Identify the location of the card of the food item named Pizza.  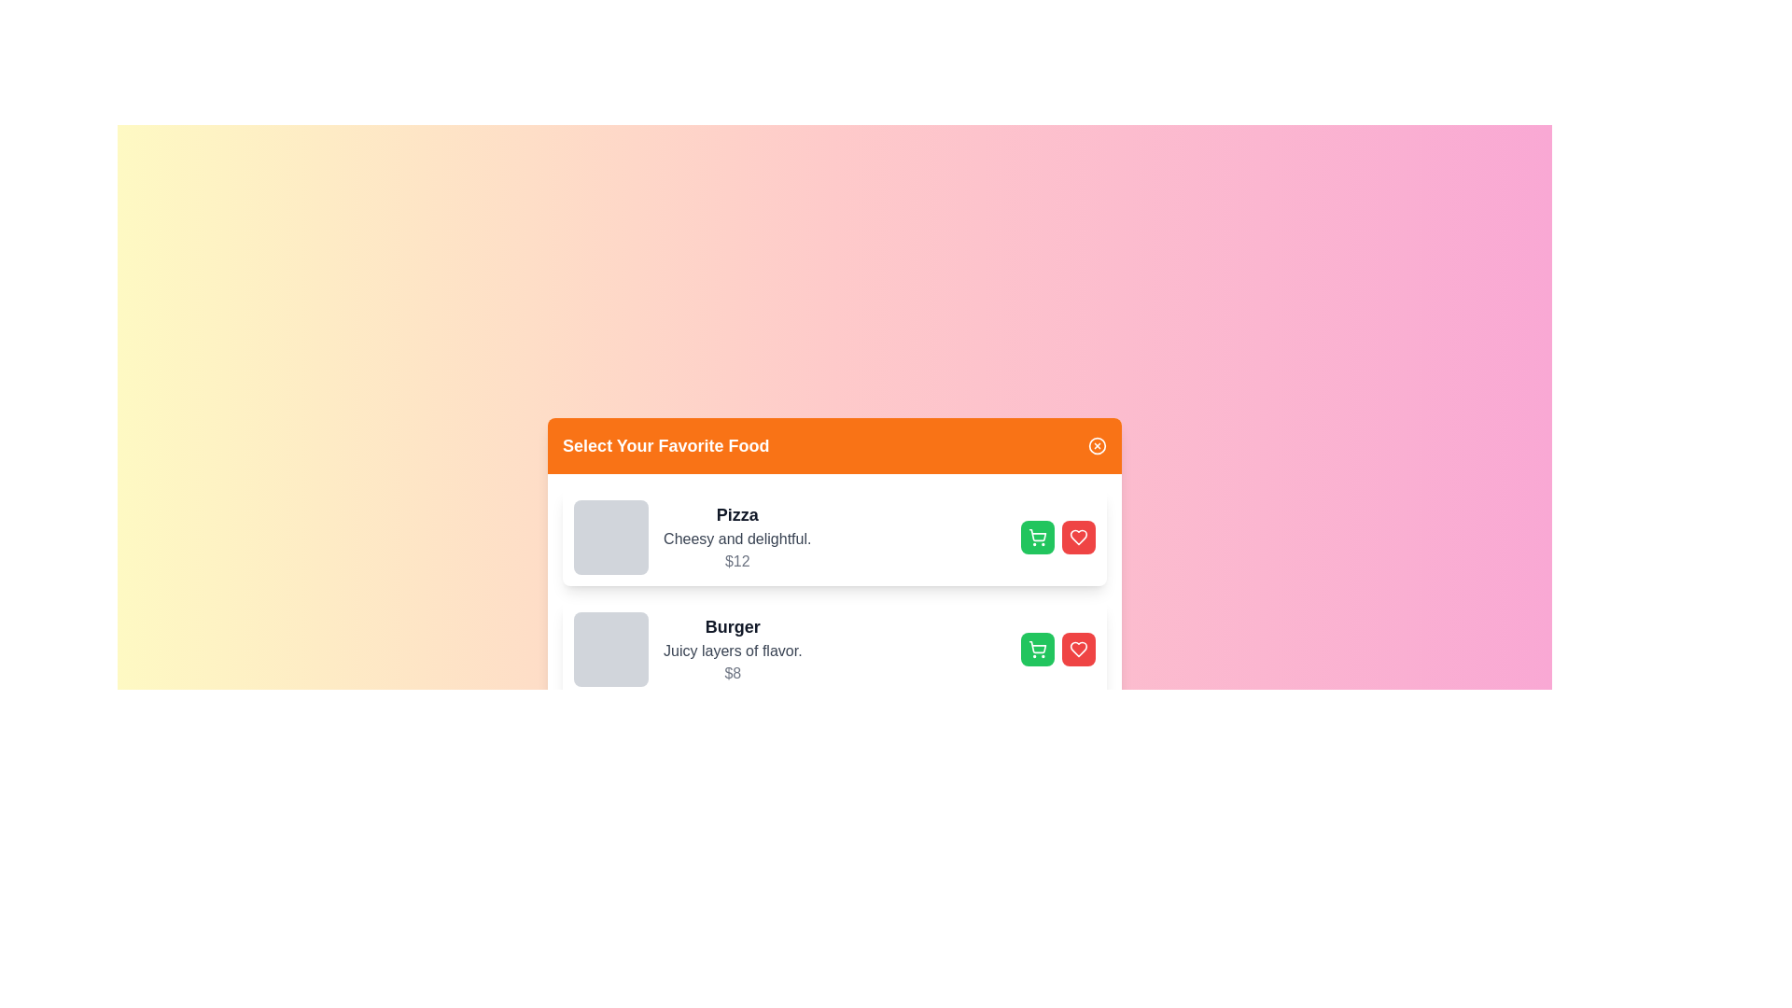
(833, 537).